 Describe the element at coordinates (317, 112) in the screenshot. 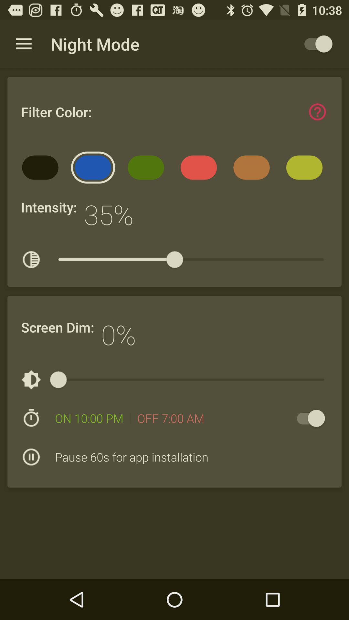

I see `get help for setting` at that location.